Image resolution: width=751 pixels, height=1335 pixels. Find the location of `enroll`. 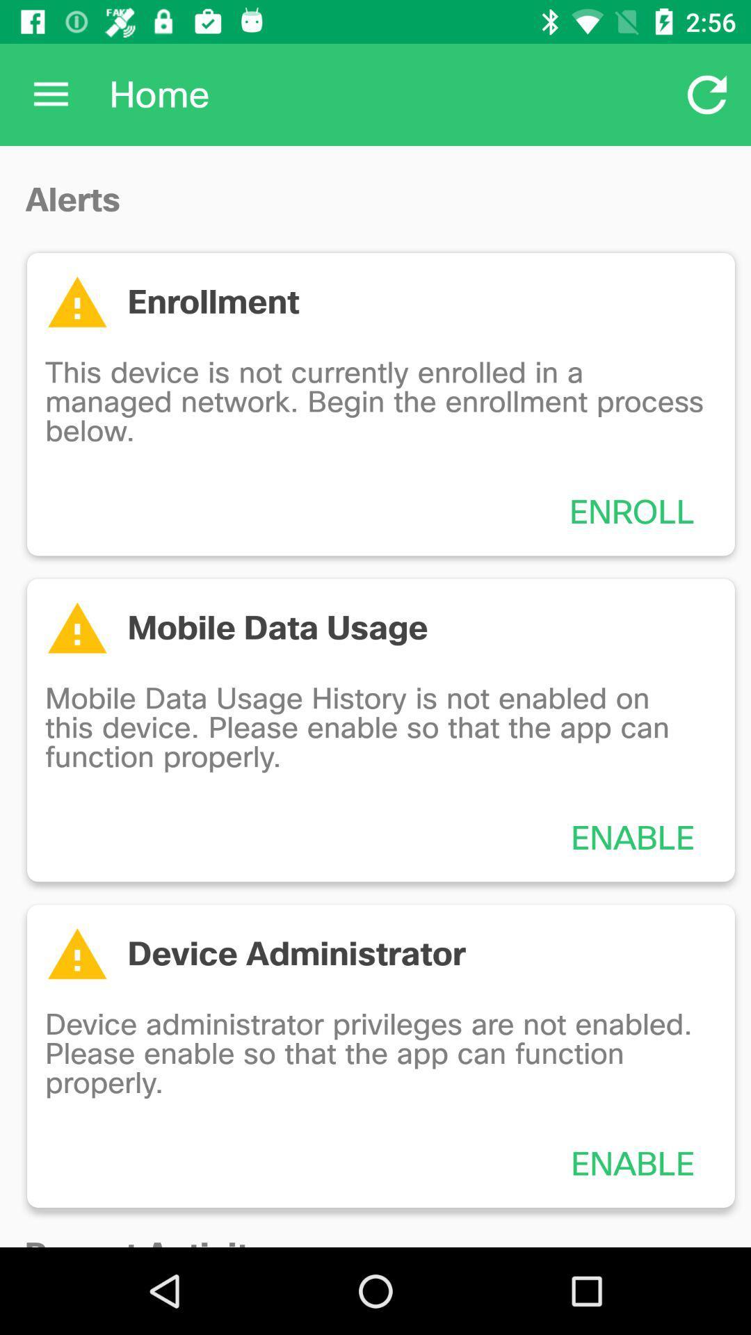

enroll is located at coordinates (632, 511).